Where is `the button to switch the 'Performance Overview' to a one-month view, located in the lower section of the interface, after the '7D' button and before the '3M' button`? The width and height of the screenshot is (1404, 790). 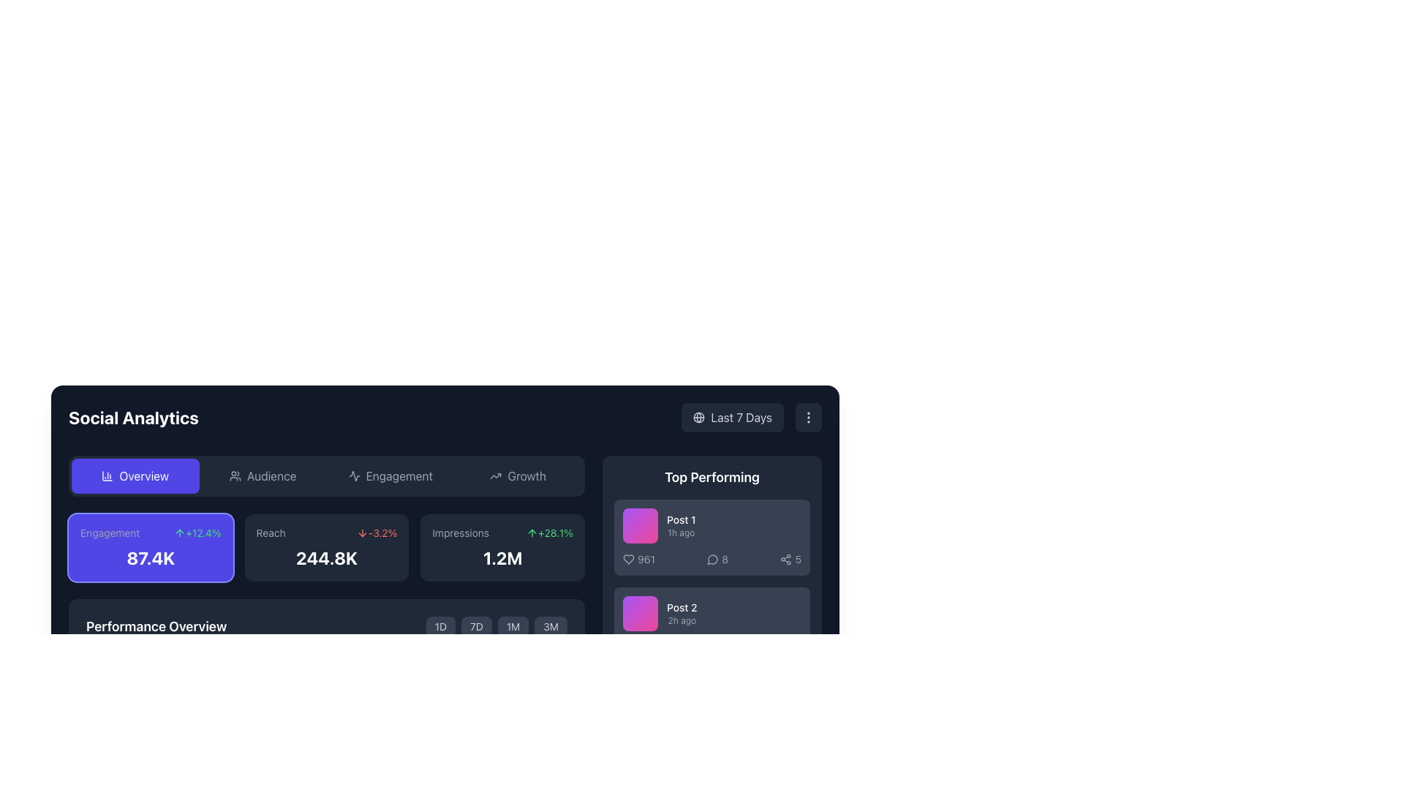
the button to switch the 'Performance Overview' to a one-month view, located in the lower section of the interface, after the '7D' button and before the '3M' button is located at coordinates (497, 625).